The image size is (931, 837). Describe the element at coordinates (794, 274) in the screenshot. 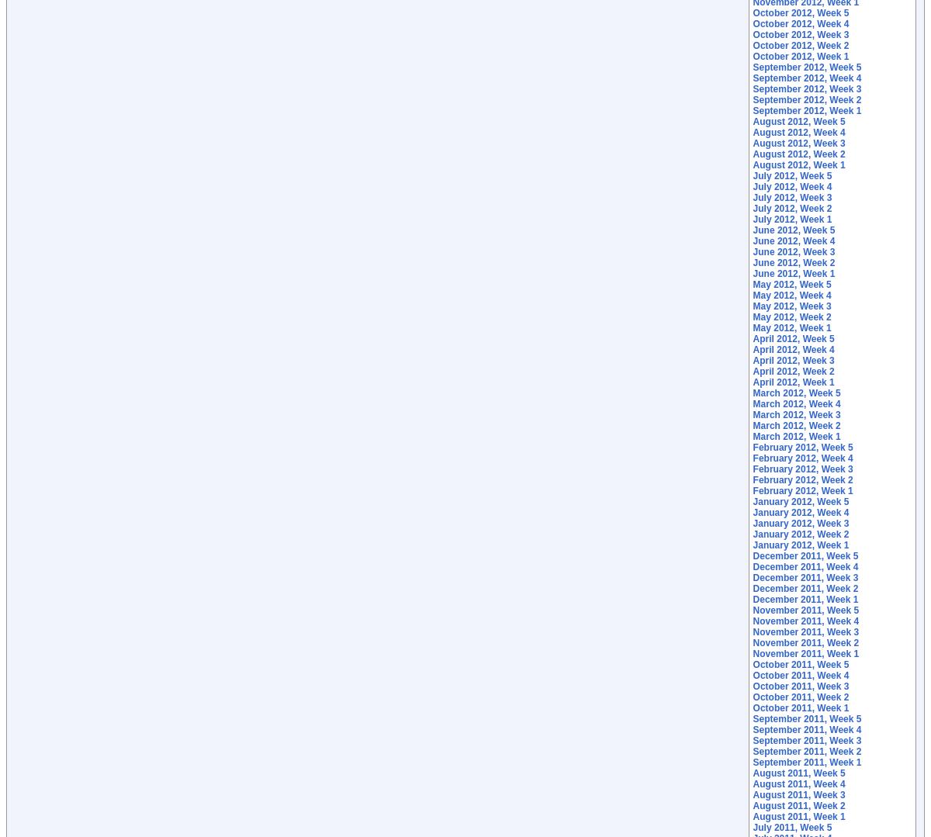

I see `'June 2012, Week 1'` at that location.